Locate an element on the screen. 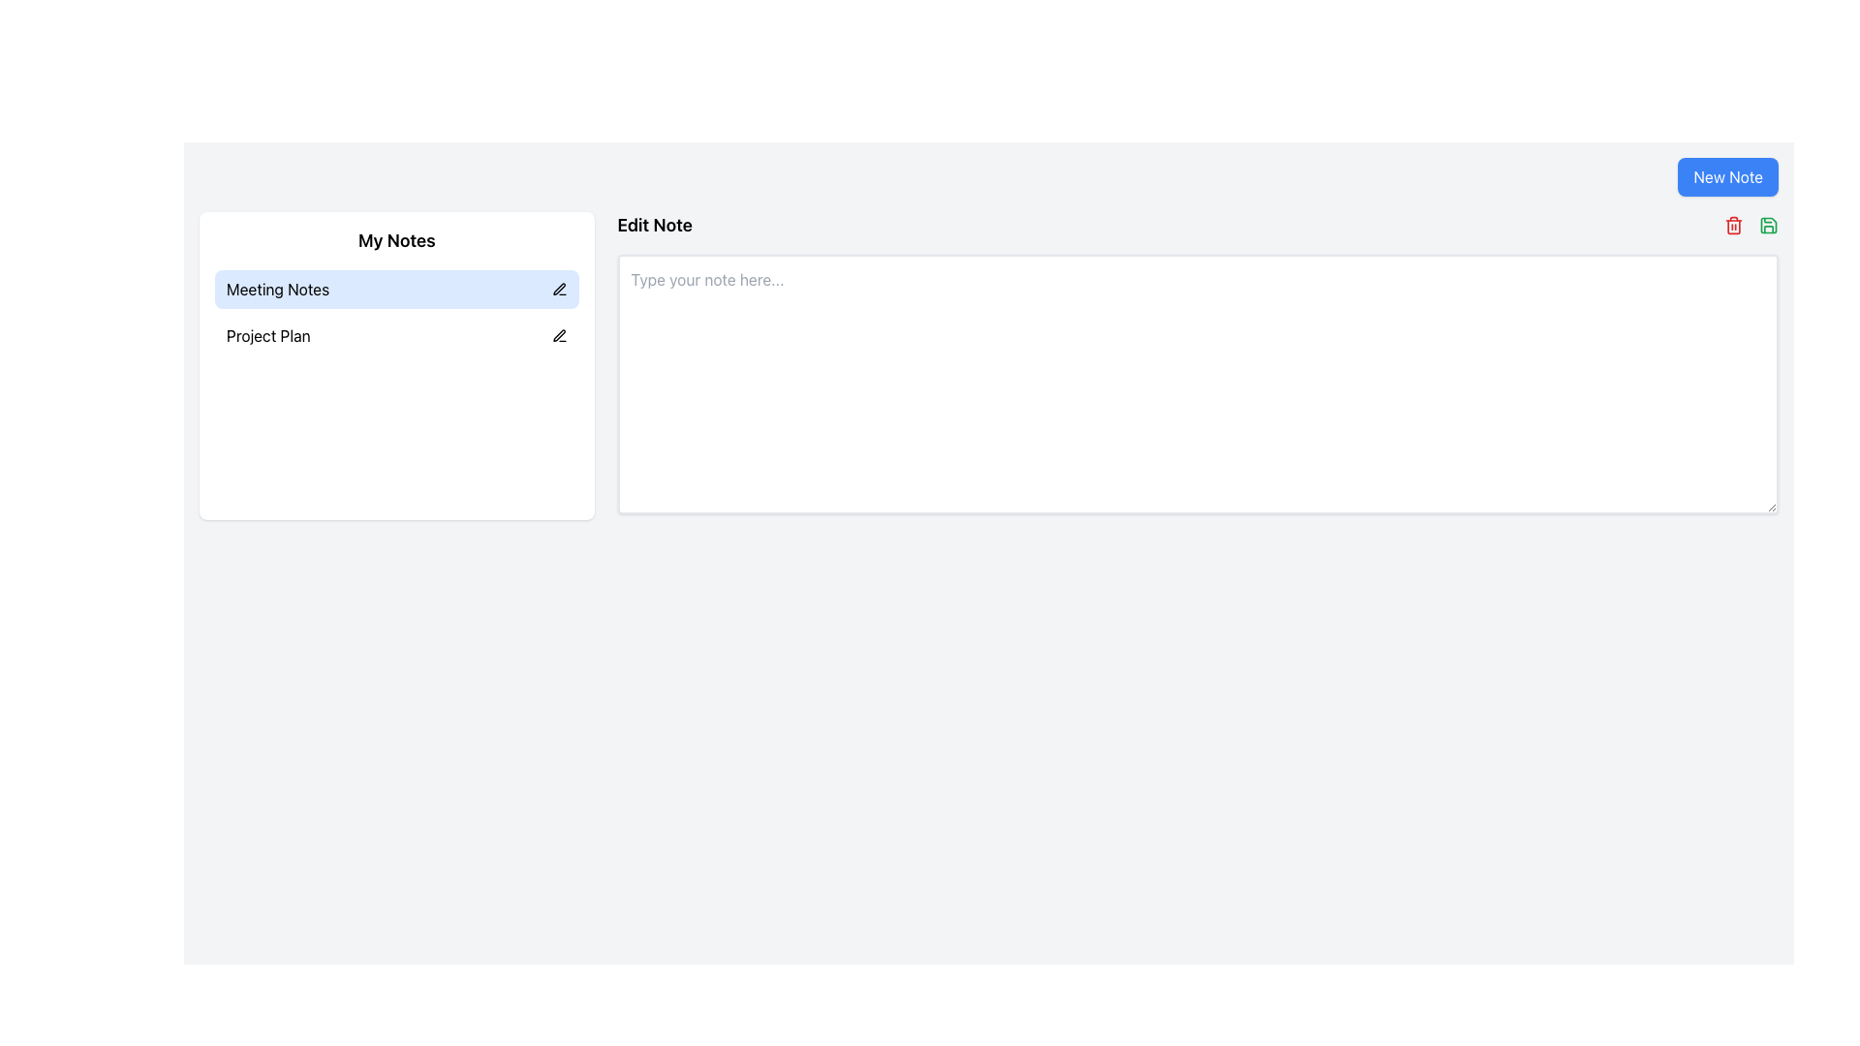 This screenshot has width=1860, height=1046. the green save icon, styled as a traditional floppy disk, located in the top-right corner of the application interface is located at coordinates (1768, 224).